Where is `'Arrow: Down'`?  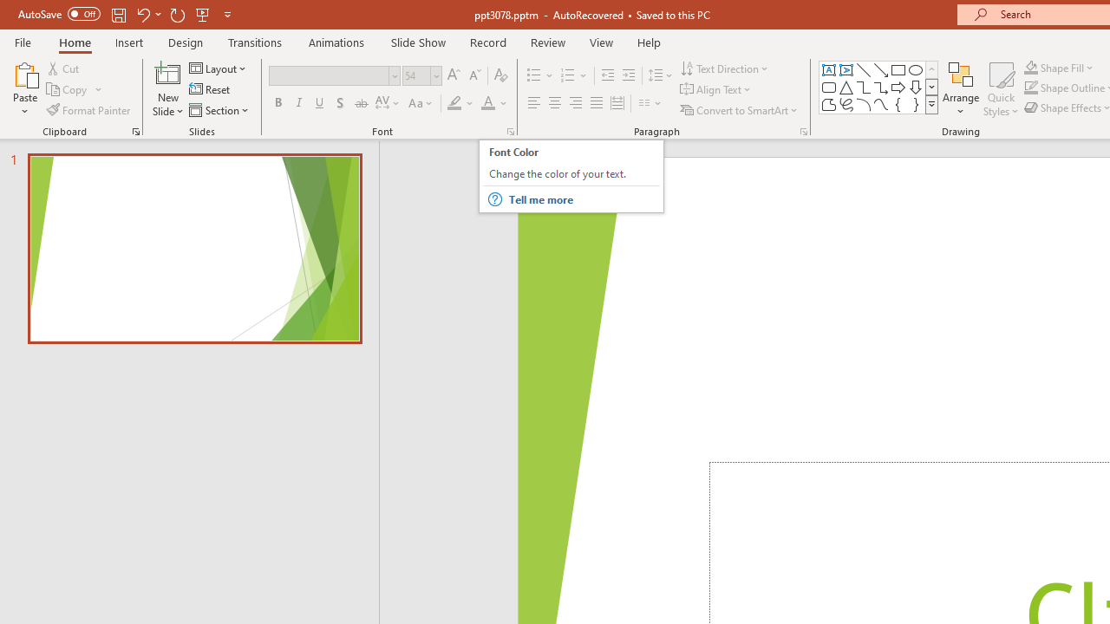
'Arrow: Down' is located at coordinates (915, 87).